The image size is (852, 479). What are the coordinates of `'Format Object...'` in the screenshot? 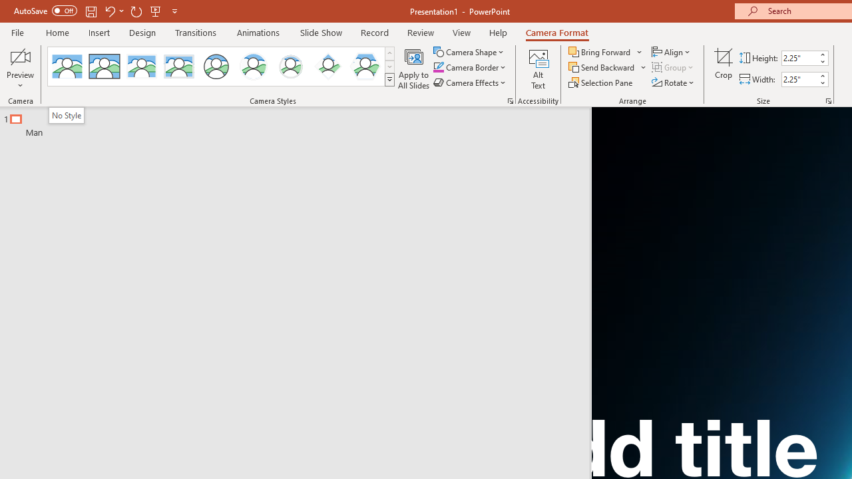 It's located at (509, 100).